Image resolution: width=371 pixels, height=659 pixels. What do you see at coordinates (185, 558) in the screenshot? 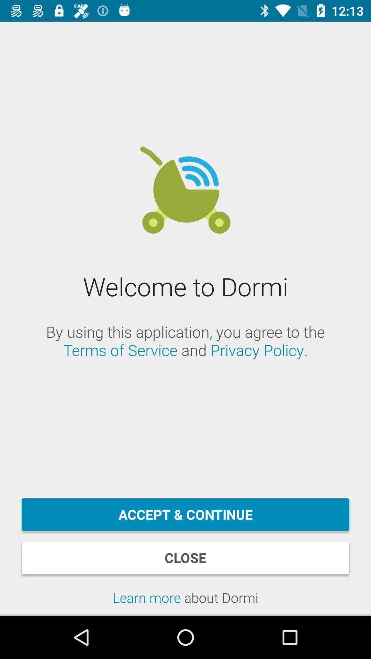
I see `the close icon` at bounding box center [185, 558].